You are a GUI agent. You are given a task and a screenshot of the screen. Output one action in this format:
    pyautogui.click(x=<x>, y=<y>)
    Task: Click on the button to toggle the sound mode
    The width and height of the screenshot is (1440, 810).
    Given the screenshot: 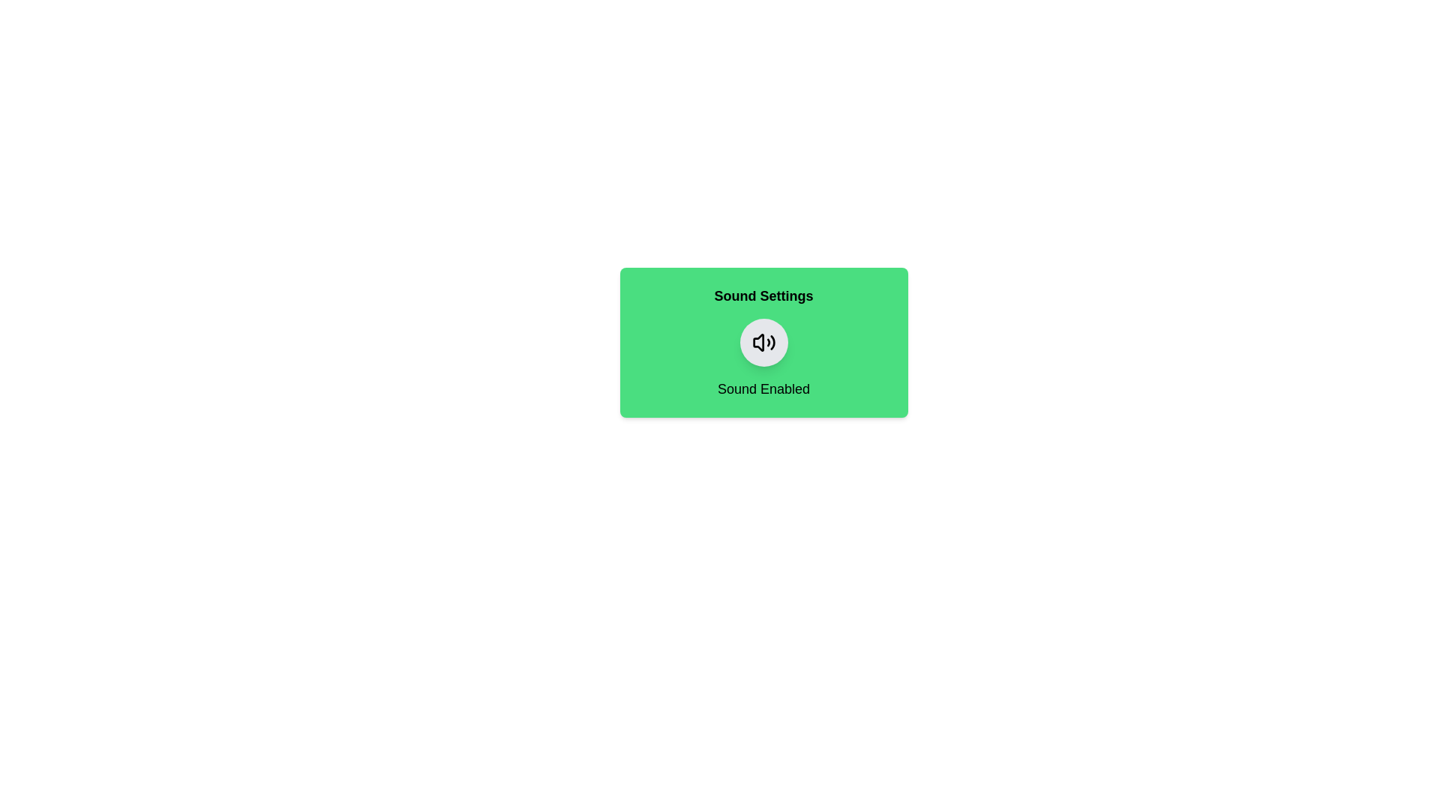 What is the action you would take?
    pyautogui.click(x=763, y=342)
    